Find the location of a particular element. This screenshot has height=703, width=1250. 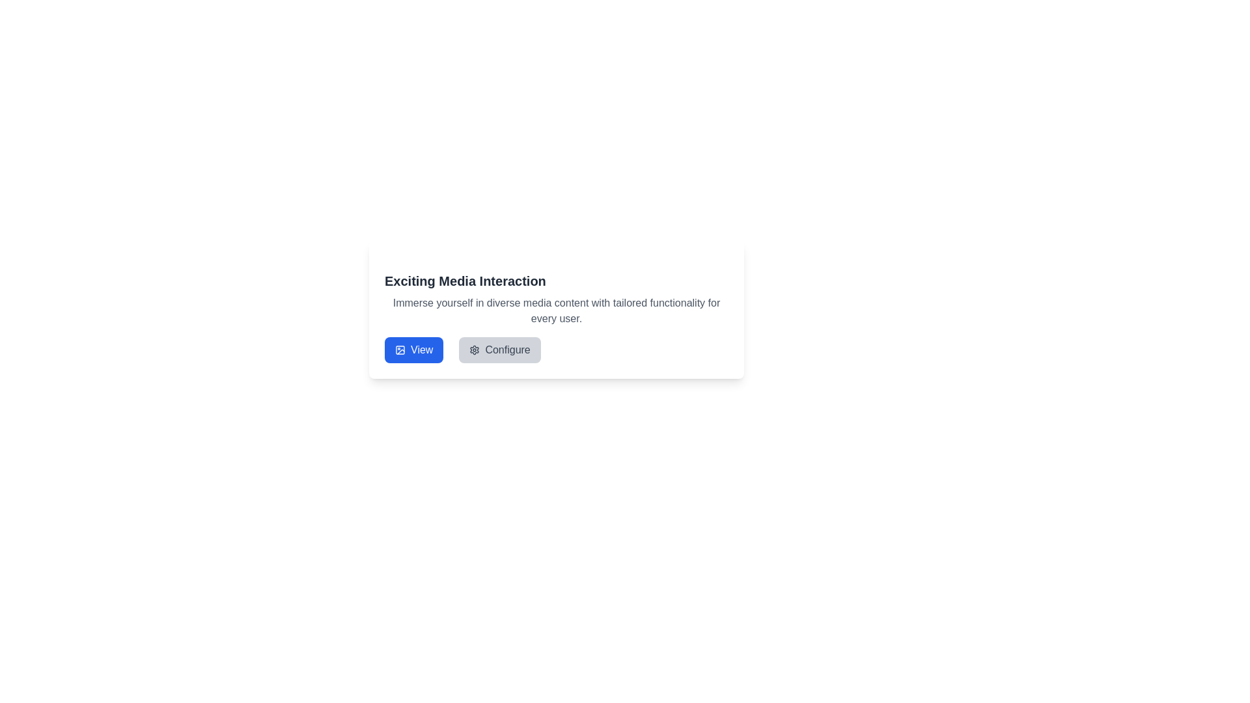

the gear-shaped settings icon, which is gray and located at the bottom right corner of a card-like component is located at coordinates (474, 349).